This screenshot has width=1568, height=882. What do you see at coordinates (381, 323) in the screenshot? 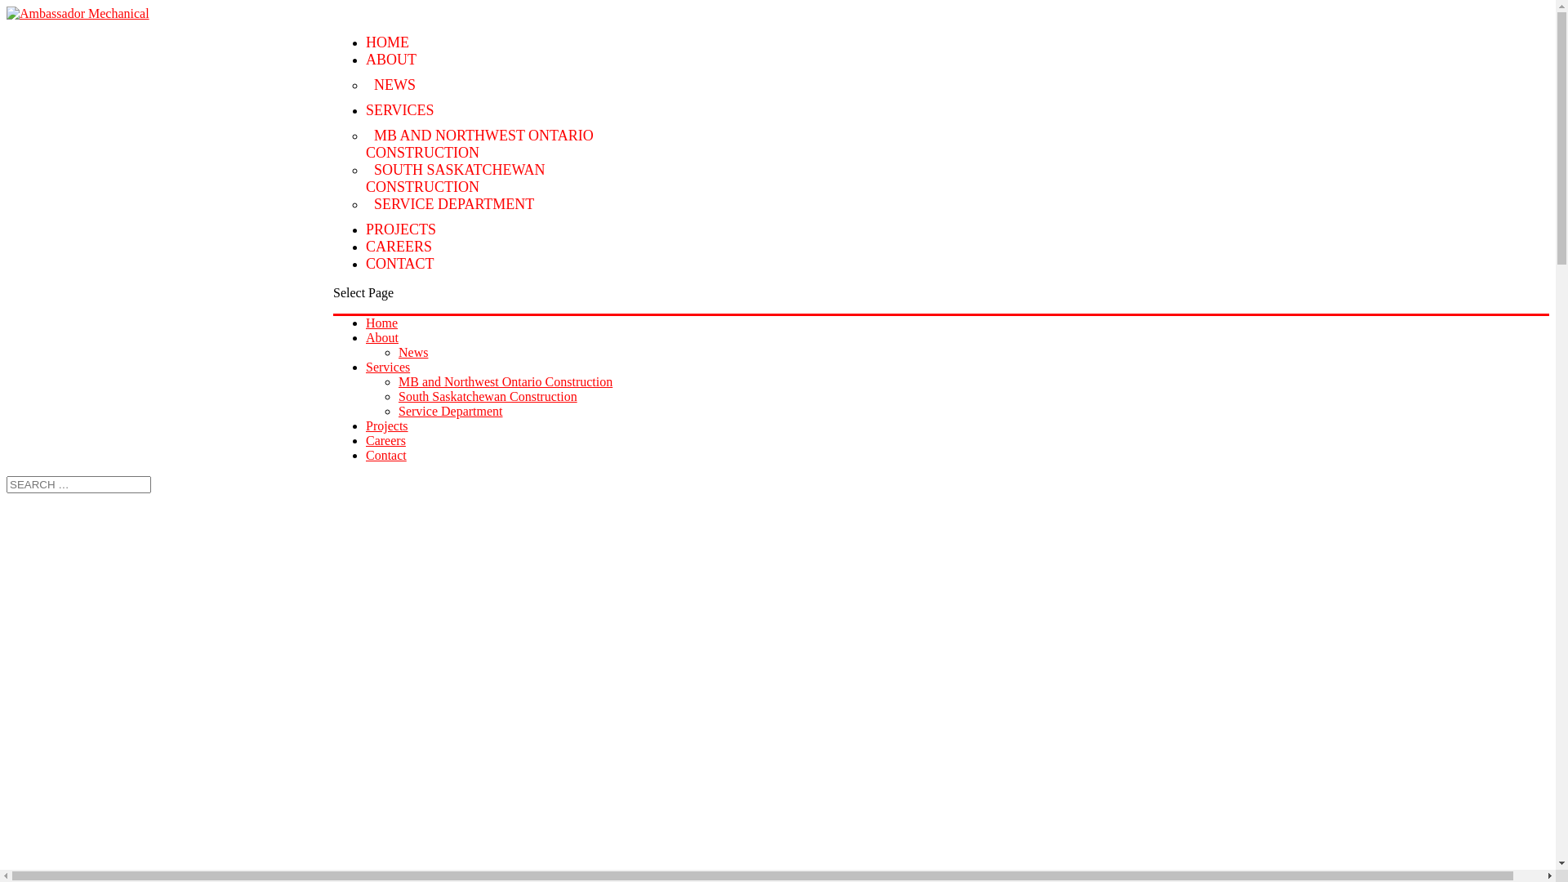
I see `'Home'` at bounding box center [381, 323].